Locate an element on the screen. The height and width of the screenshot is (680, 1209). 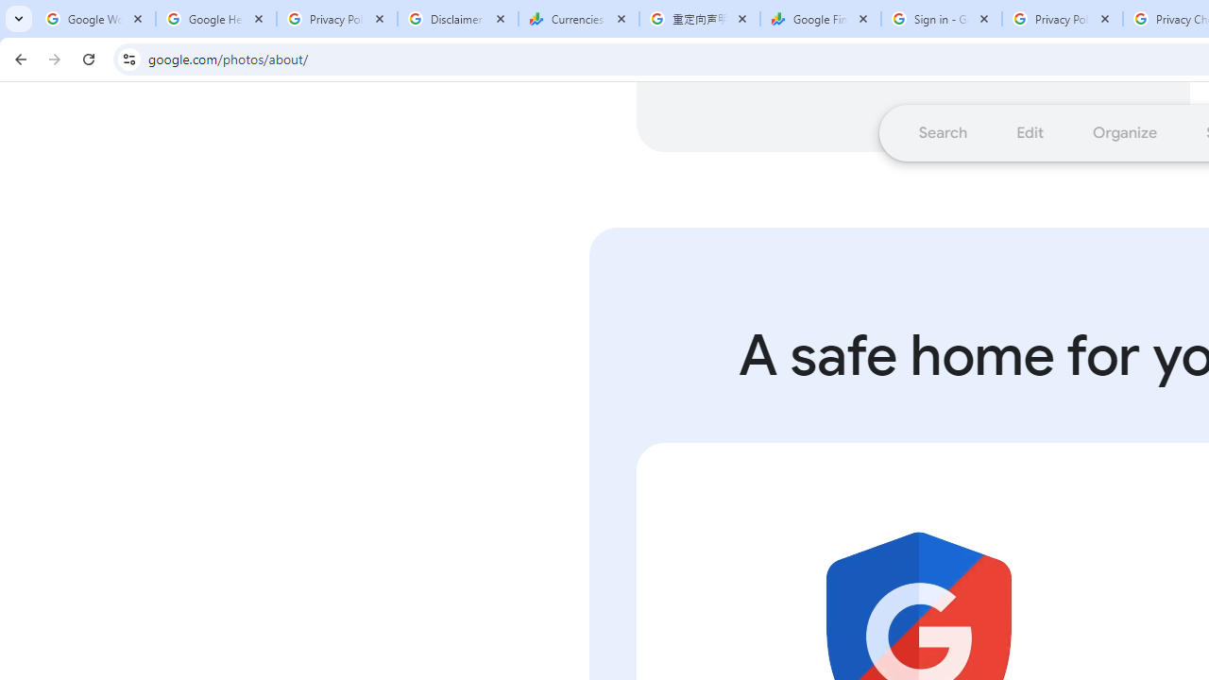
'Go to section: Edit' is located at coordinates (1029, 131).